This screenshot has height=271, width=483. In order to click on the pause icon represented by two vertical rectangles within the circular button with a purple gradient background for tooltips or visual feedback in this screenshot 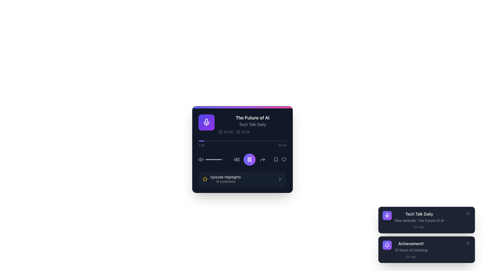, I will do `click(250, 160)`.